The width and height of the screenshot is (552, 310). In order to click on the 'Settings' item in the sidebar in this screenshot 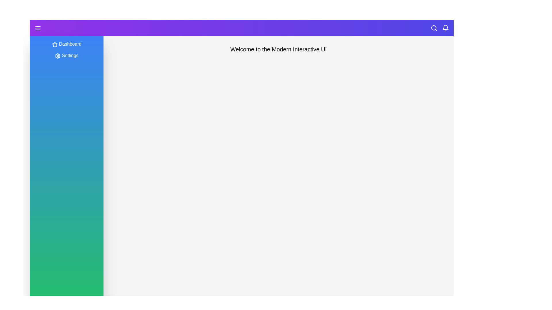, I will do `click(66, 55)`.